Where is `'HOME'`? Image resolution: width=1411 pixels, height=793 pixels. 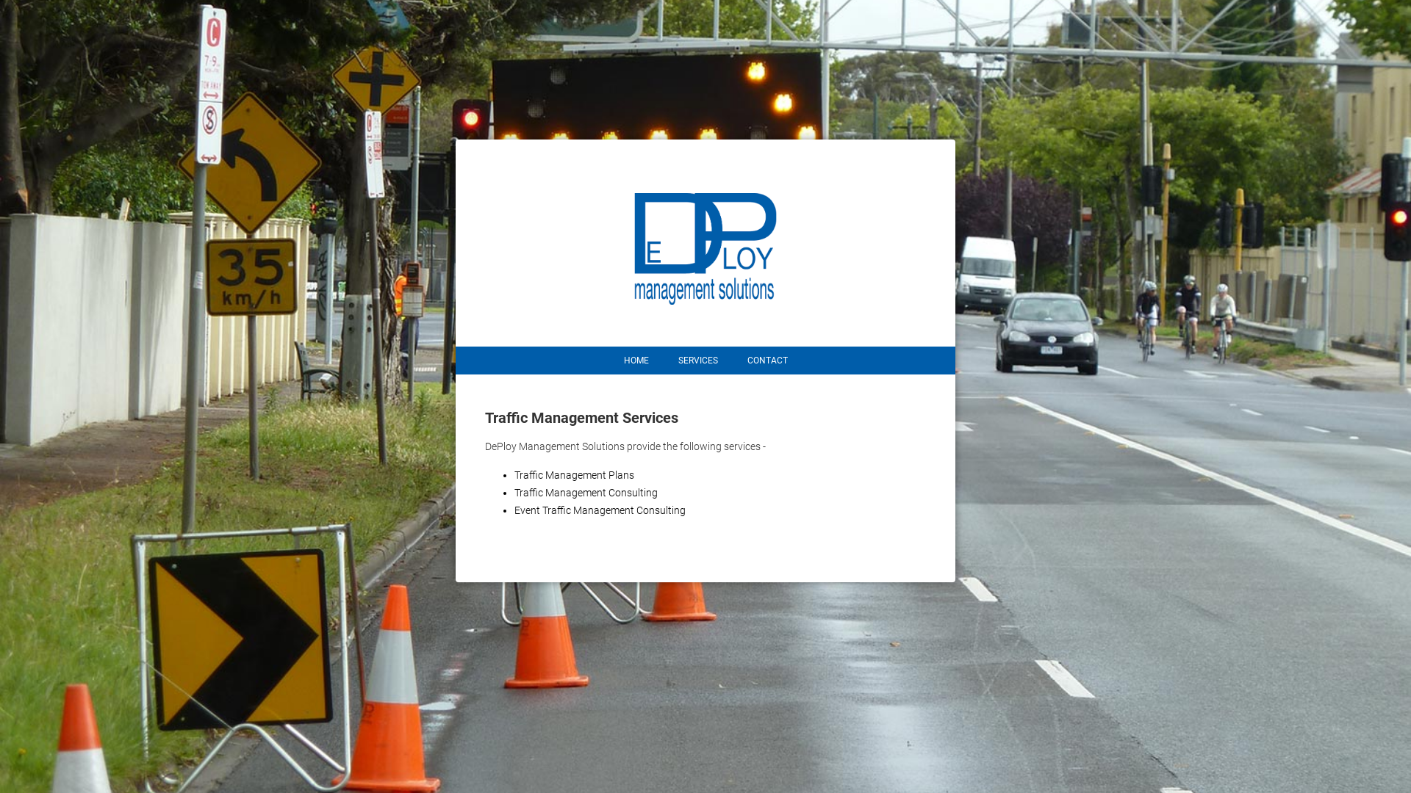
'HOME' is located at coordinates (635, 360).